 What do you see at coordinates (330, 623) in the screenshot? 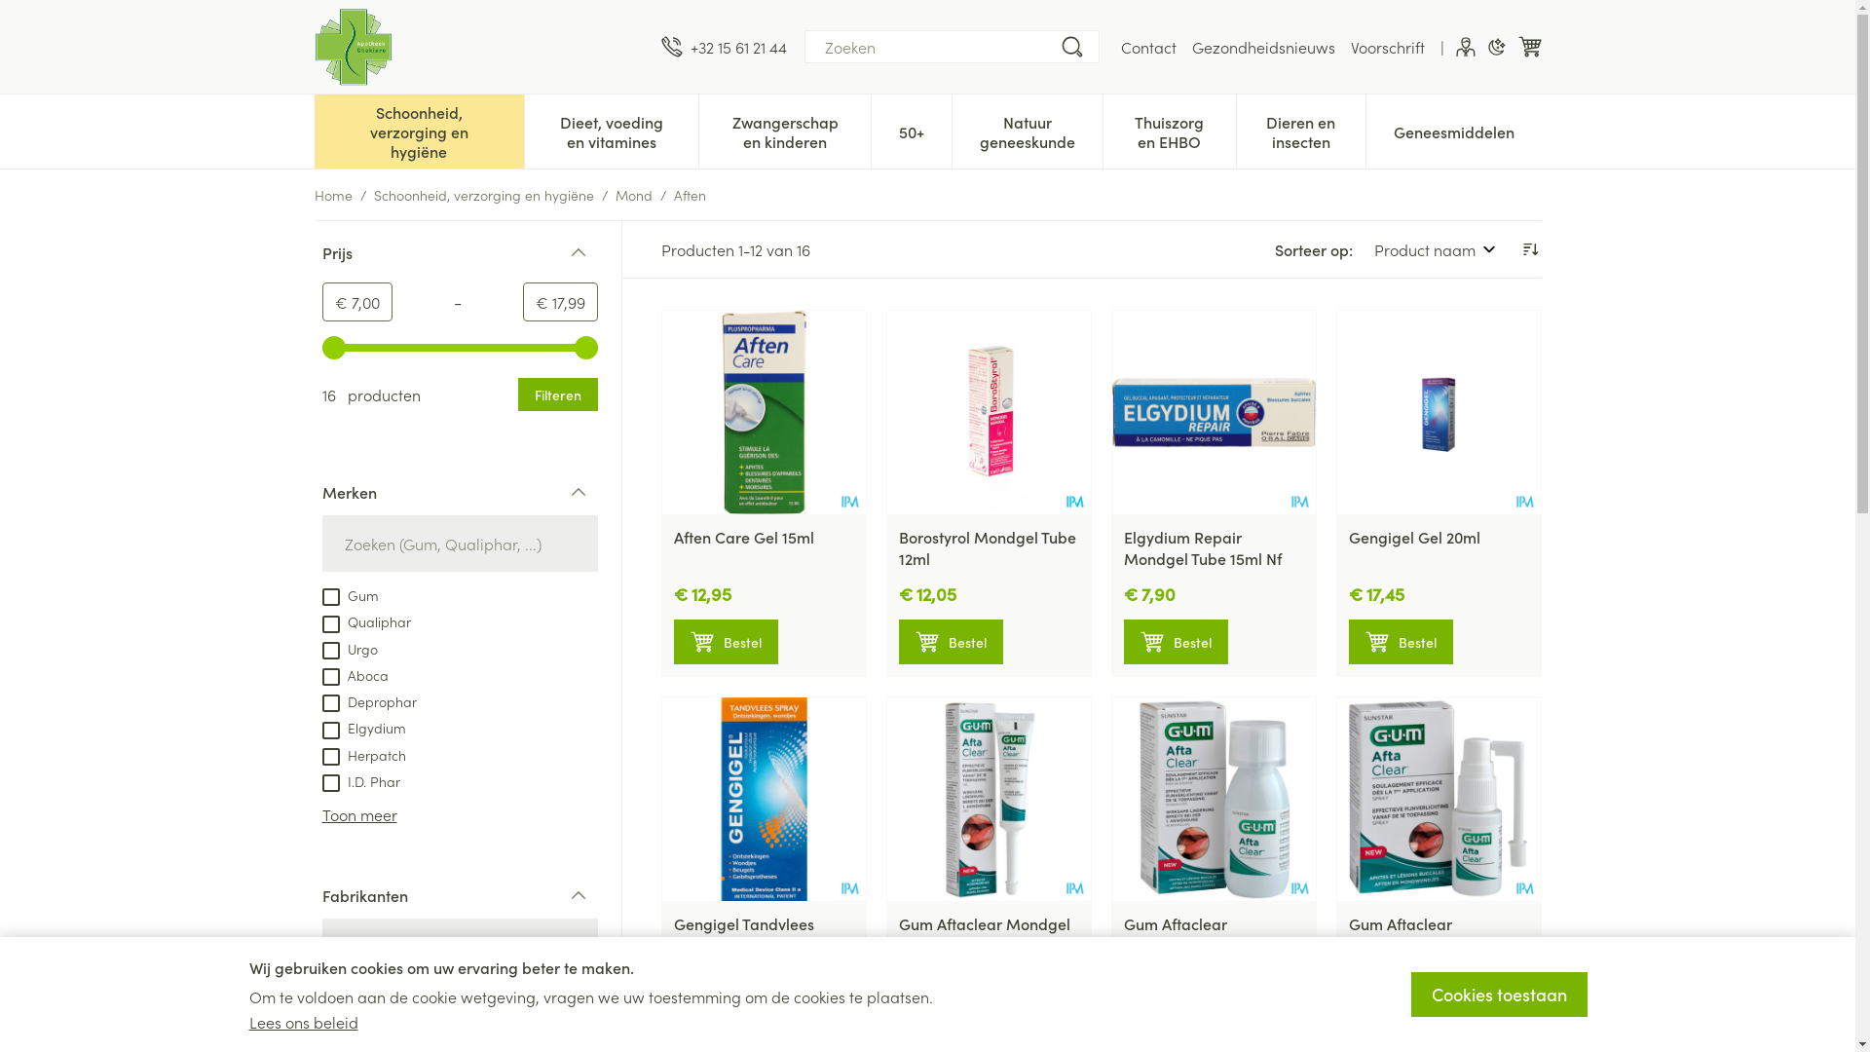
I see `'on'` at bounding box center [330, 623].